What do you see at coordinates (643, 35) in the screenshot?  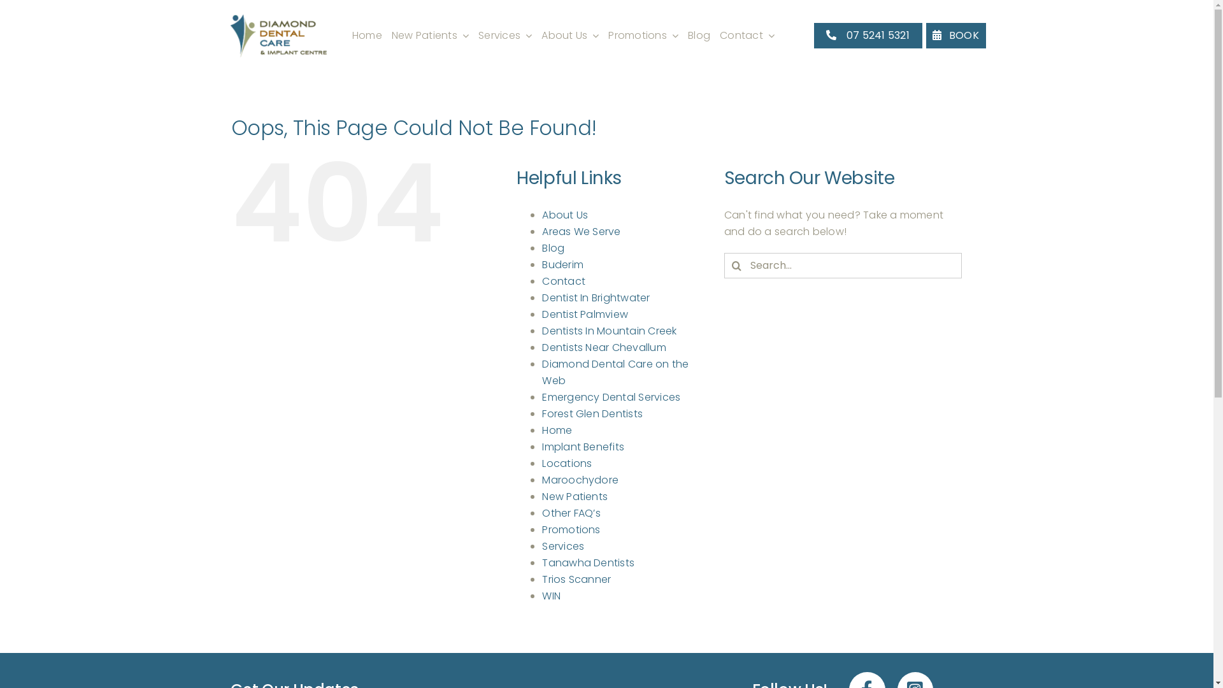 I see `'Promotions'` at bounding box center [643, 35].